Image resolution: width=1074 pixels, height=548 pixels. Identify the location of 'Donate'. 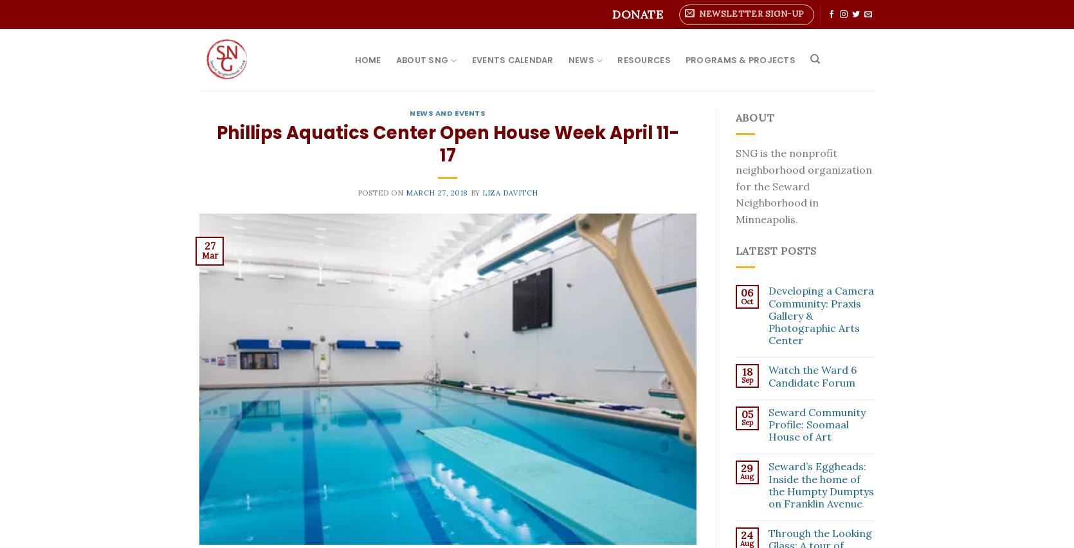
(637, 14).